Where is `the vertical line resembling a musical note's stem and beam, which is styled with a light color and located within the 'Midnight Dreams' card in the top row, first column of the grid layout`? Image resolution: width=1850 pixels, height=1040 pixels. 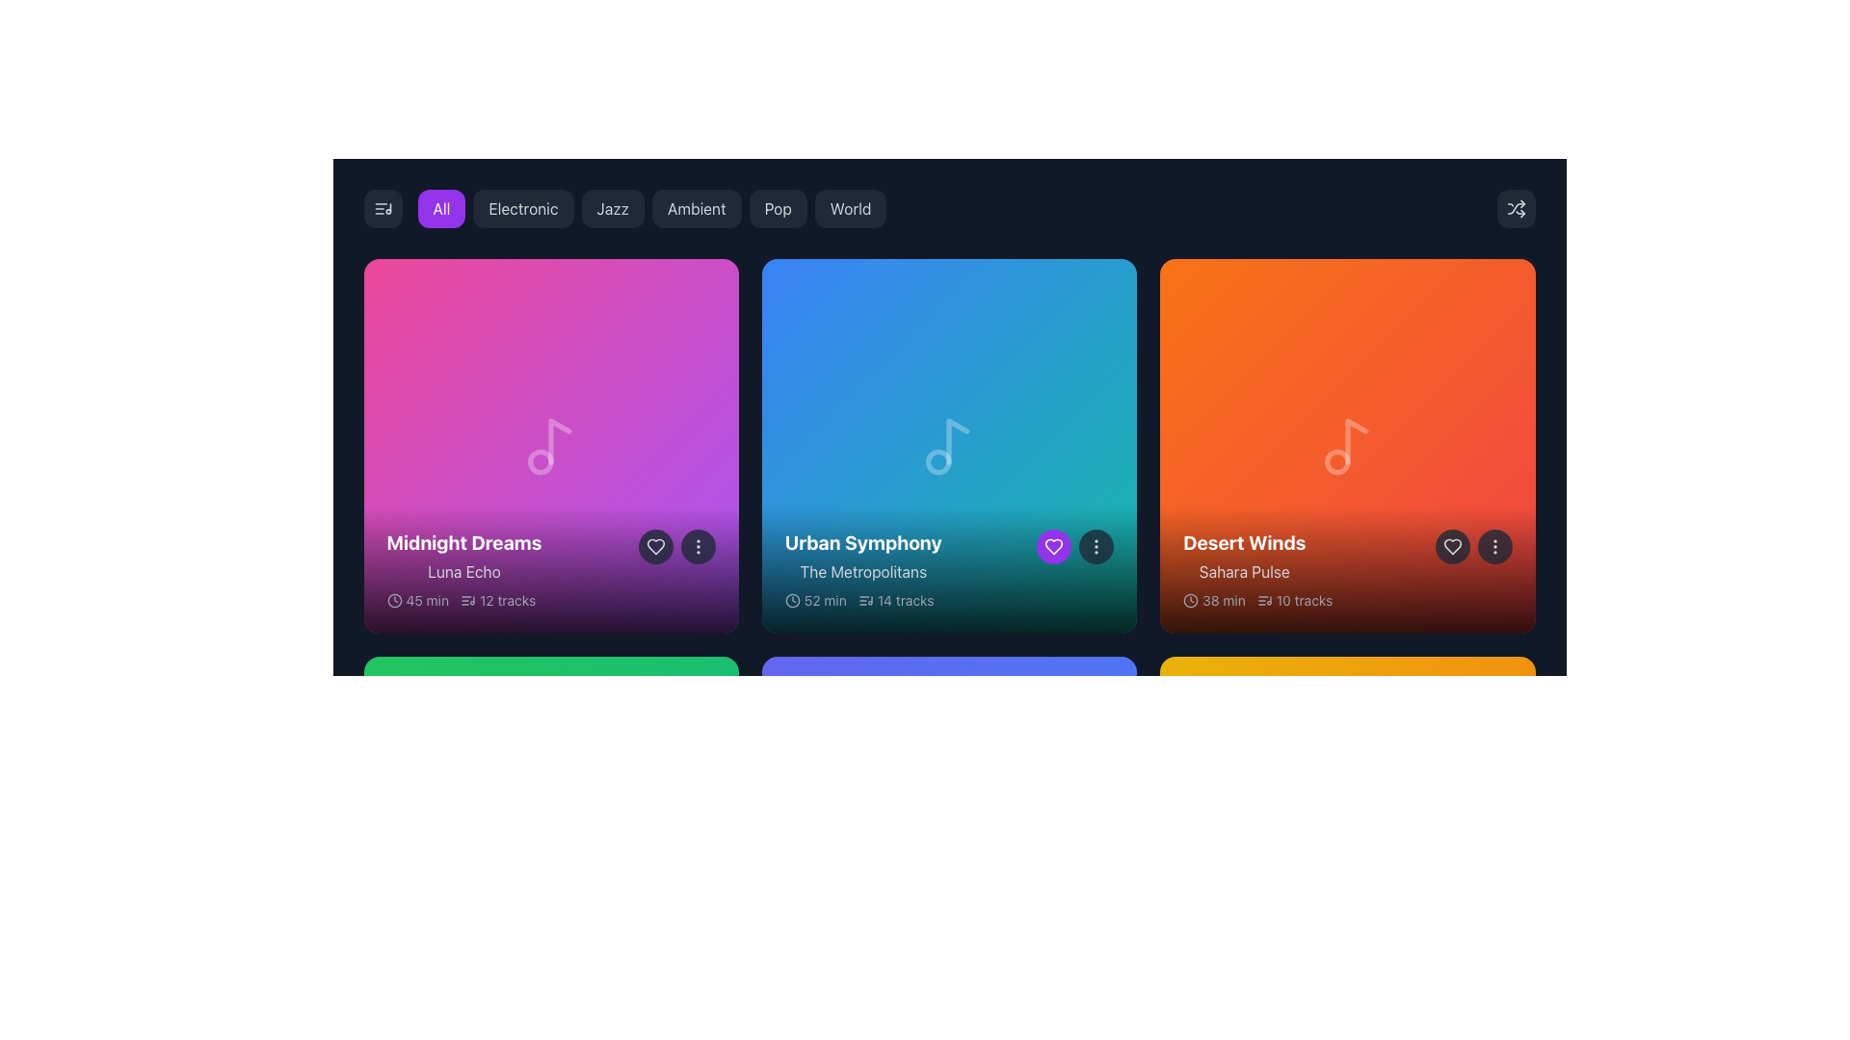 the vertical line resembling a musical note's stem and beam, which is styled with a light color and located within the 'Midnight Dreams' card in the top row, first column of the grid layout is located at coordinates (559, 441).